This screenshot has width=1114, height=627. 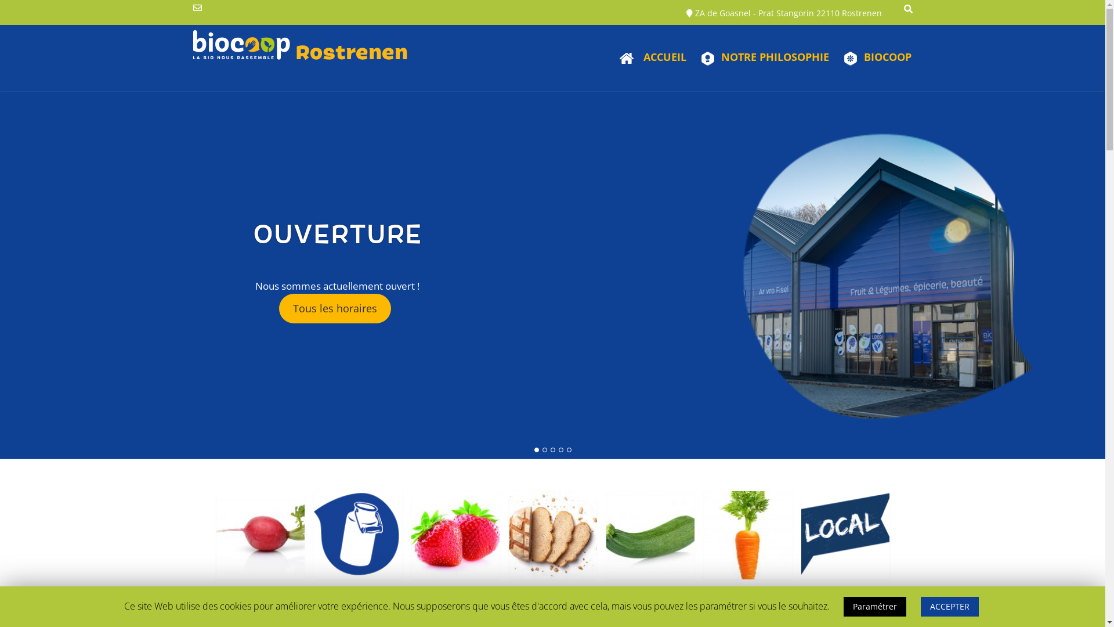 I want to click on 'Skip to content', so click(x=0, y=0).